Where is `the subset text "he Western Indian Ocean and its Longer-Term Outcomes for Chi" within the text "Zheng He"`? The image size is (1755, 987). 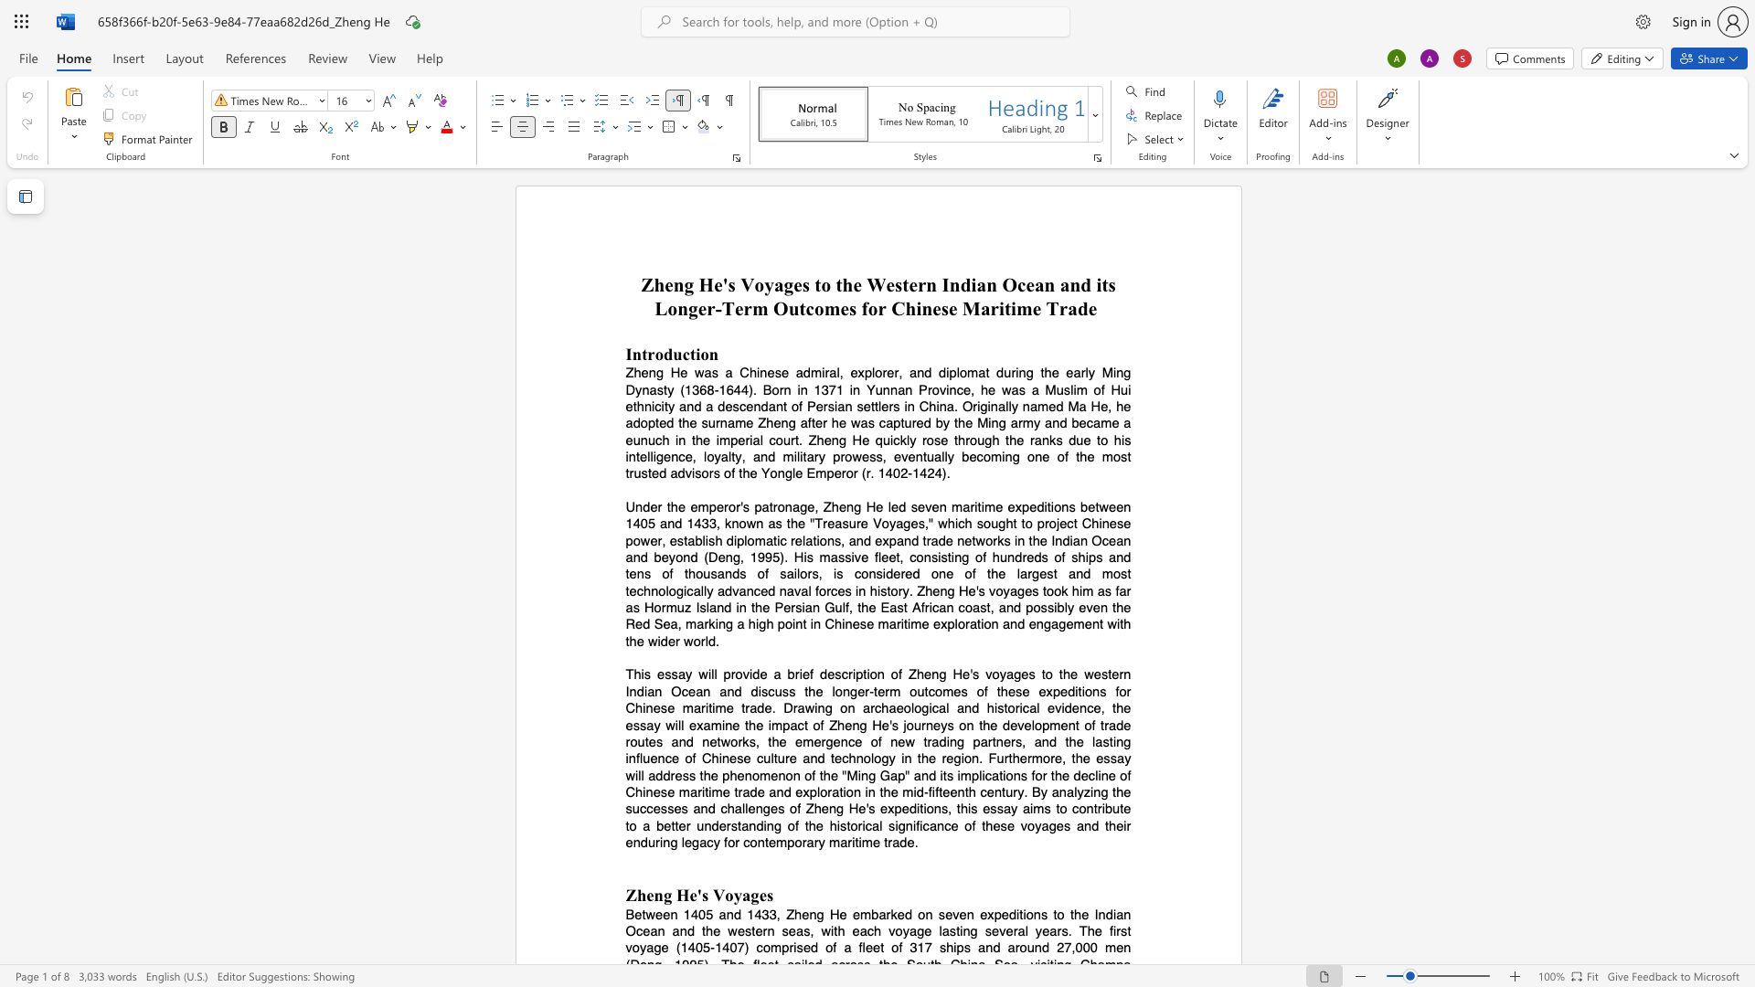
the subset text "he Western Indian Ocean and its Longer-Term Outcomes for Chi" within the text "Zheng He" is located at coordinates (841, 285).